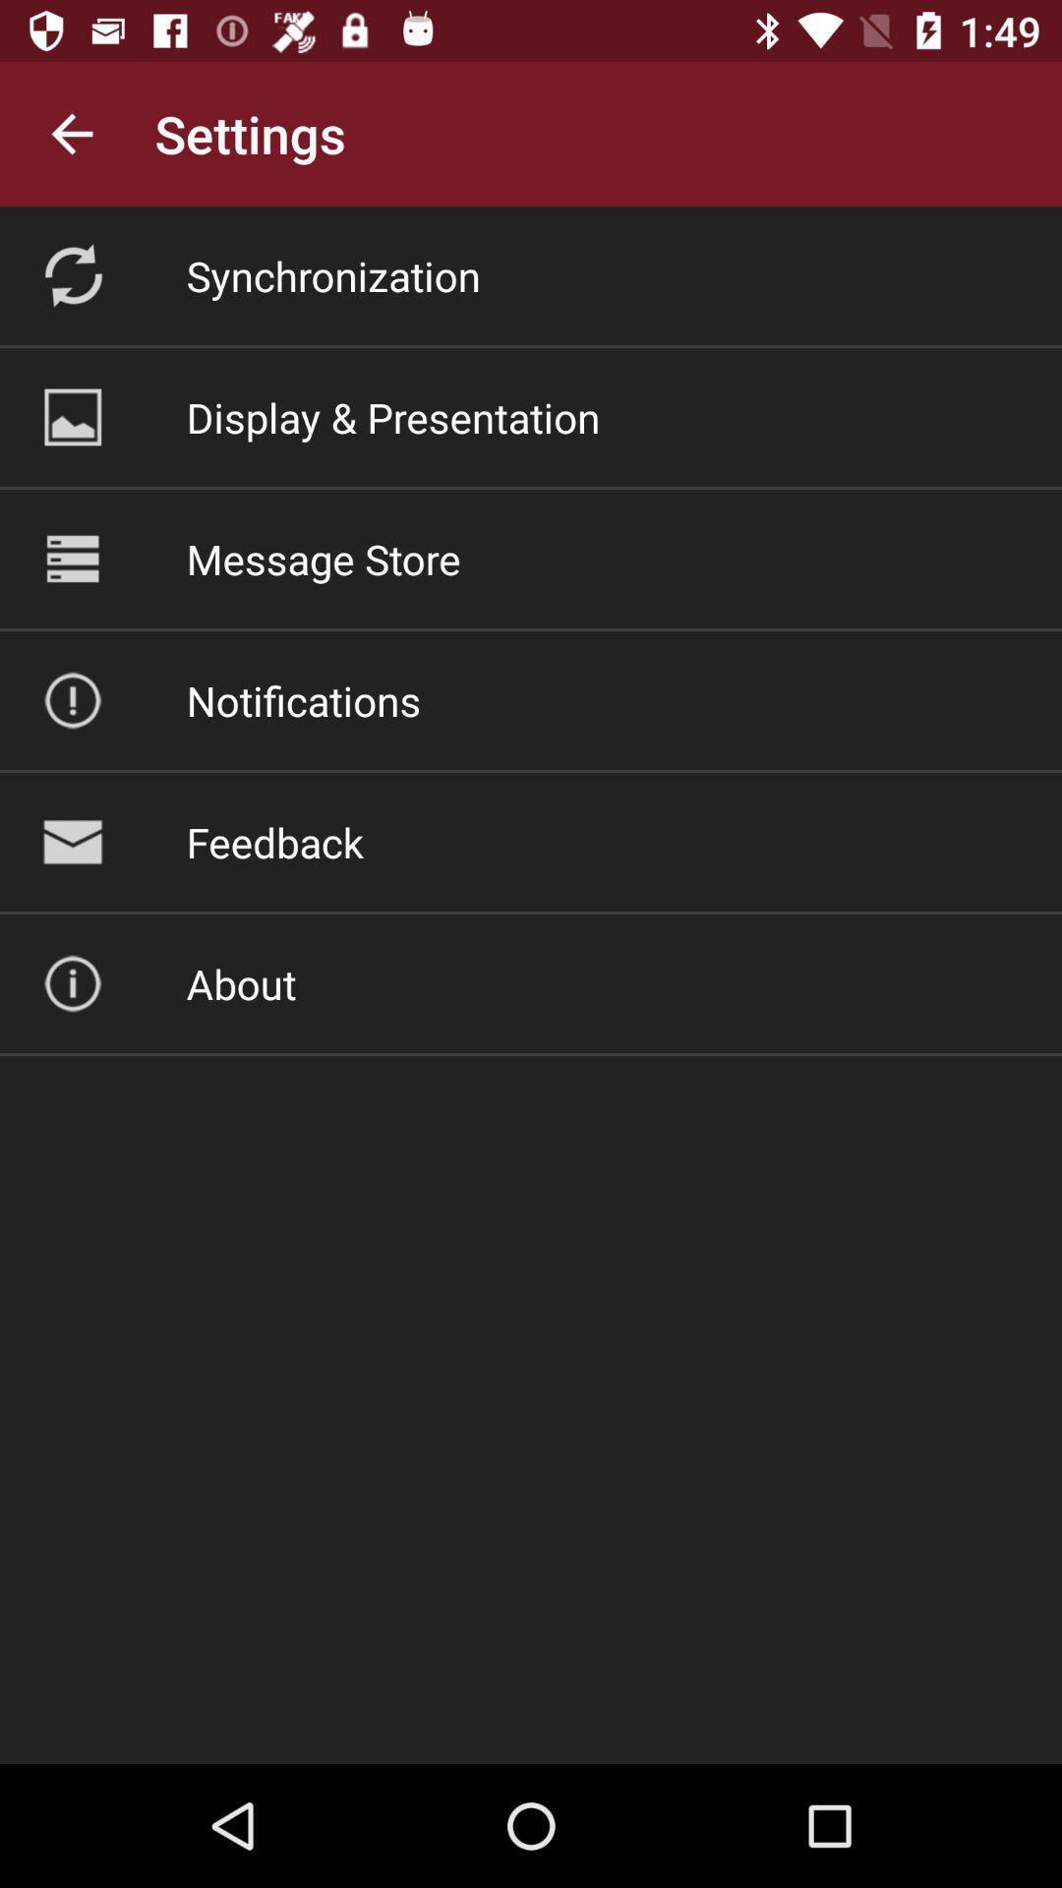  I want to click on the feedback icon, so click(274, 842).